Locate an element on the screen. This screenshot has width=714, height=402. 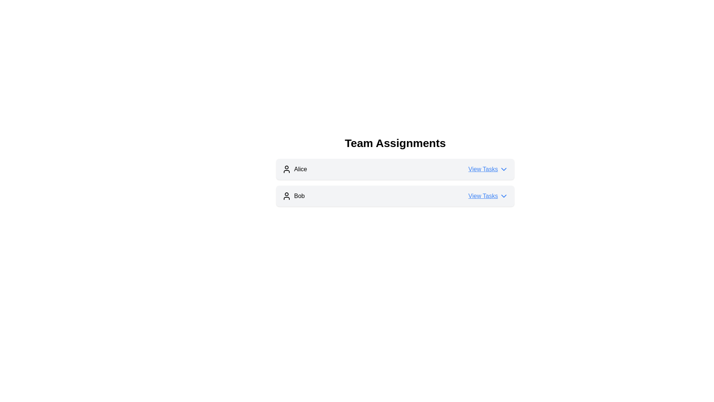
the blue-colored, underlined text 'View Tasks' located in the bottom-right corner of the section associated with 'Bob' is located at coordinates (488, 196).